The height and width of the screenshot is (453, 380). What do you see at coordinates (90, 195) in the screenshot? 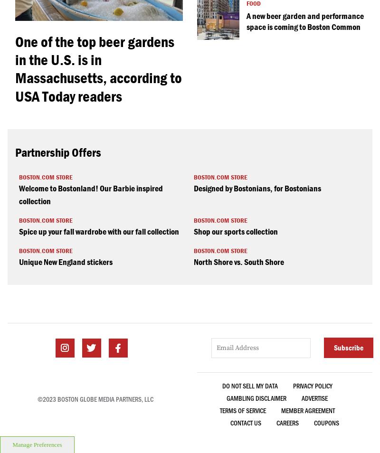
I see `'Welcome to Bostonland! Our Barbie inspired collection'` at bounding box center [90, 195].